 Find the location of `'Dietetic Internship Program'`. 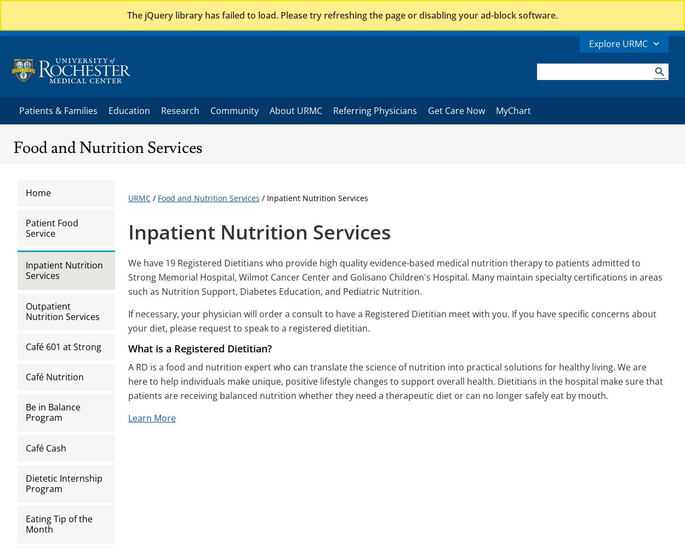

'Dietetic Internship Program' is located at coordinates (64, 483).